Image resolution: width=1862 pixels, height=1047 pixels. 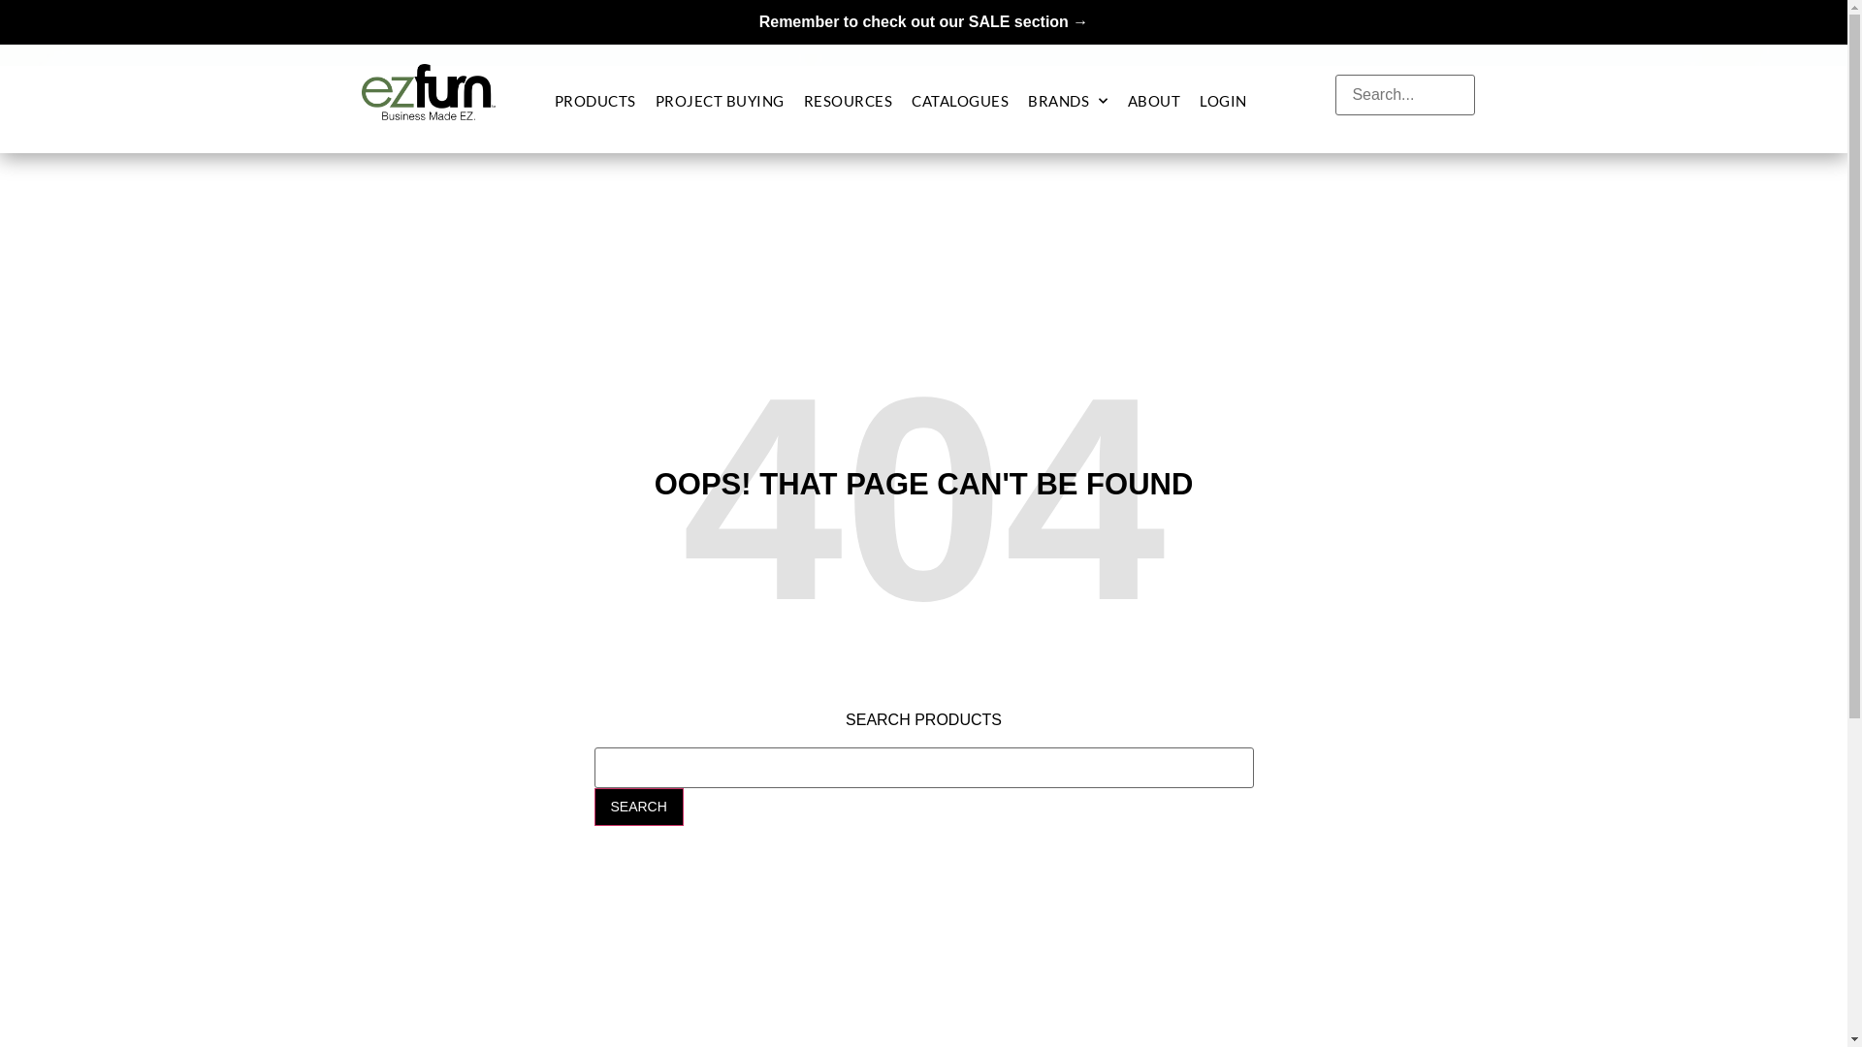 What do you see at coordinates (1127, 101) in the screenshot?
I see `'ABOUT'` at bounding box center [1127, 101].